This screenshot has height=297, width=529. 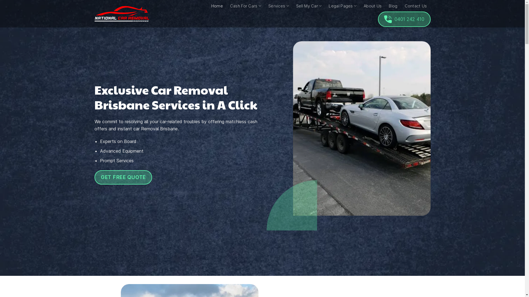 I want to click on 'Blog', so click(x=393, y=6).